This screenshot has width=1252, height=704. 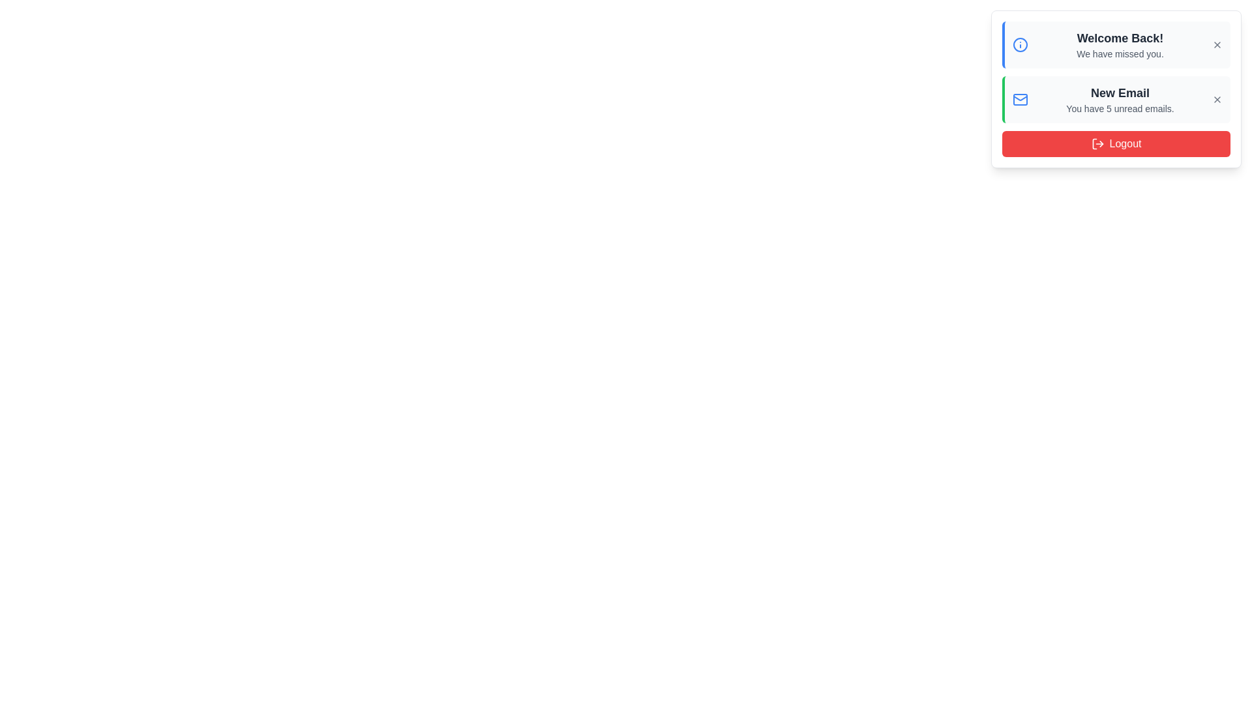 I want to click on the small 'x' icon button at the top-right corner of the 'New Email' notification card, so click(x=1217, y=99).